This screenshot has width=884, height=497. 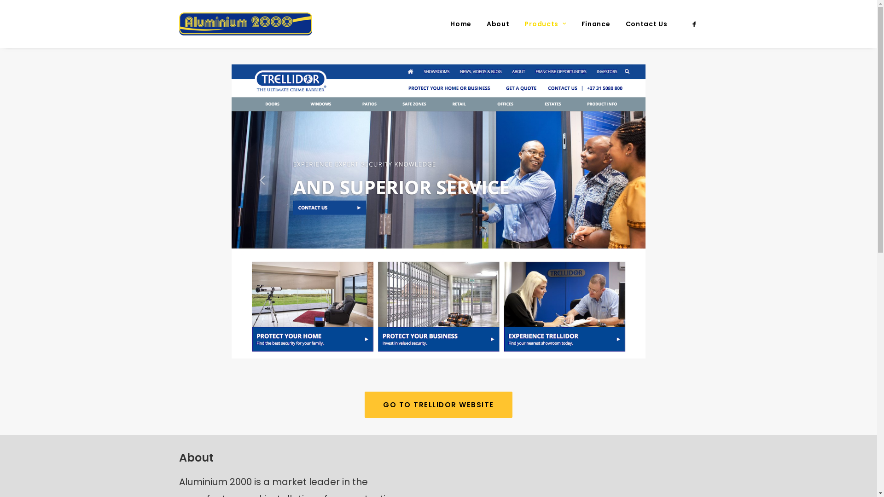 What do you see at coordinates (497, 23) in the screenshot?
I see `'About'` at bounding box center [497, 23].